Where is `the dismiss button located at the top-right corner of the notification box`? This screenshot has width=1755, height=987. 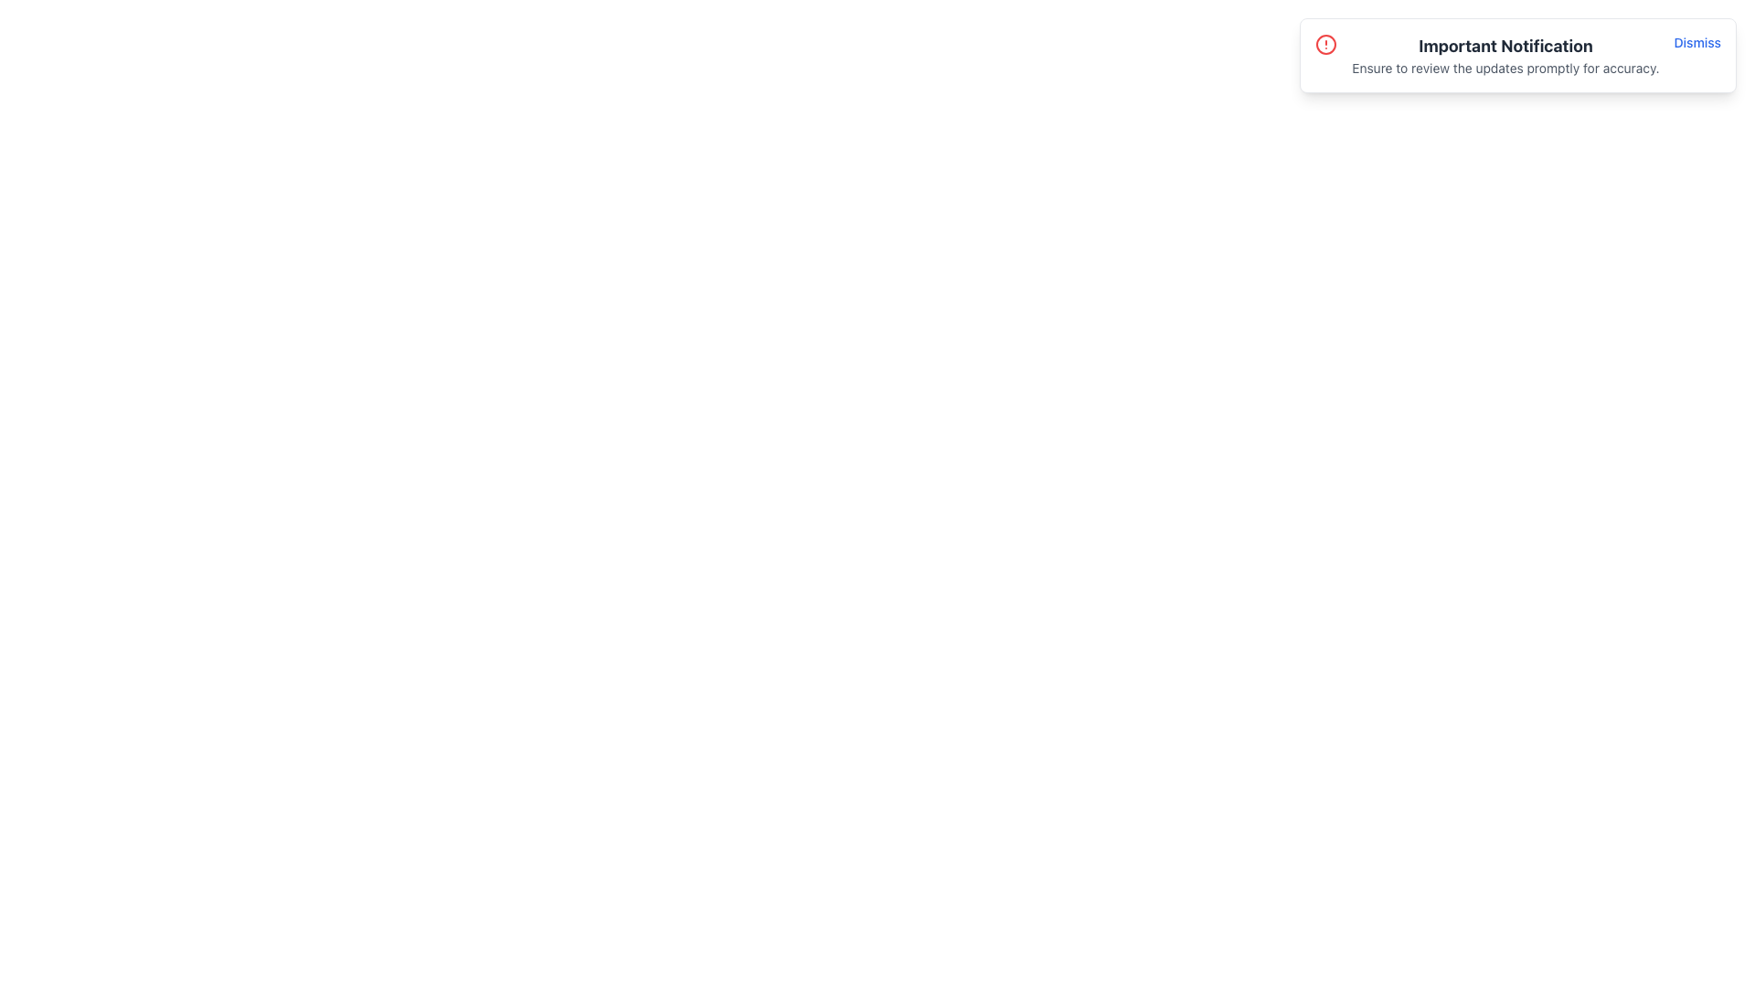
the dismiss button located at the top-right corner of the notification box is located at coordinates (1696, 41).